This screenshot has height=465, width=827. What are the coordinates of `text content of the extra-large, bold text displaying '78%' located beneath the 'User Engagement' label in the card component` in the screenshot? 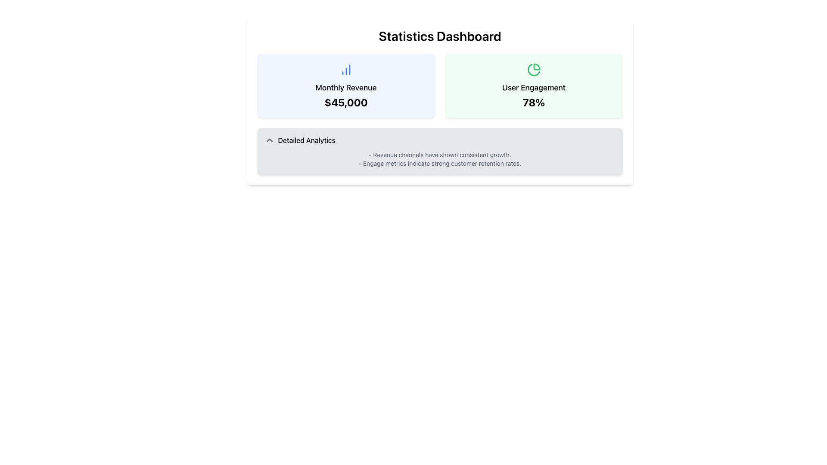 It's located at (533, 102).